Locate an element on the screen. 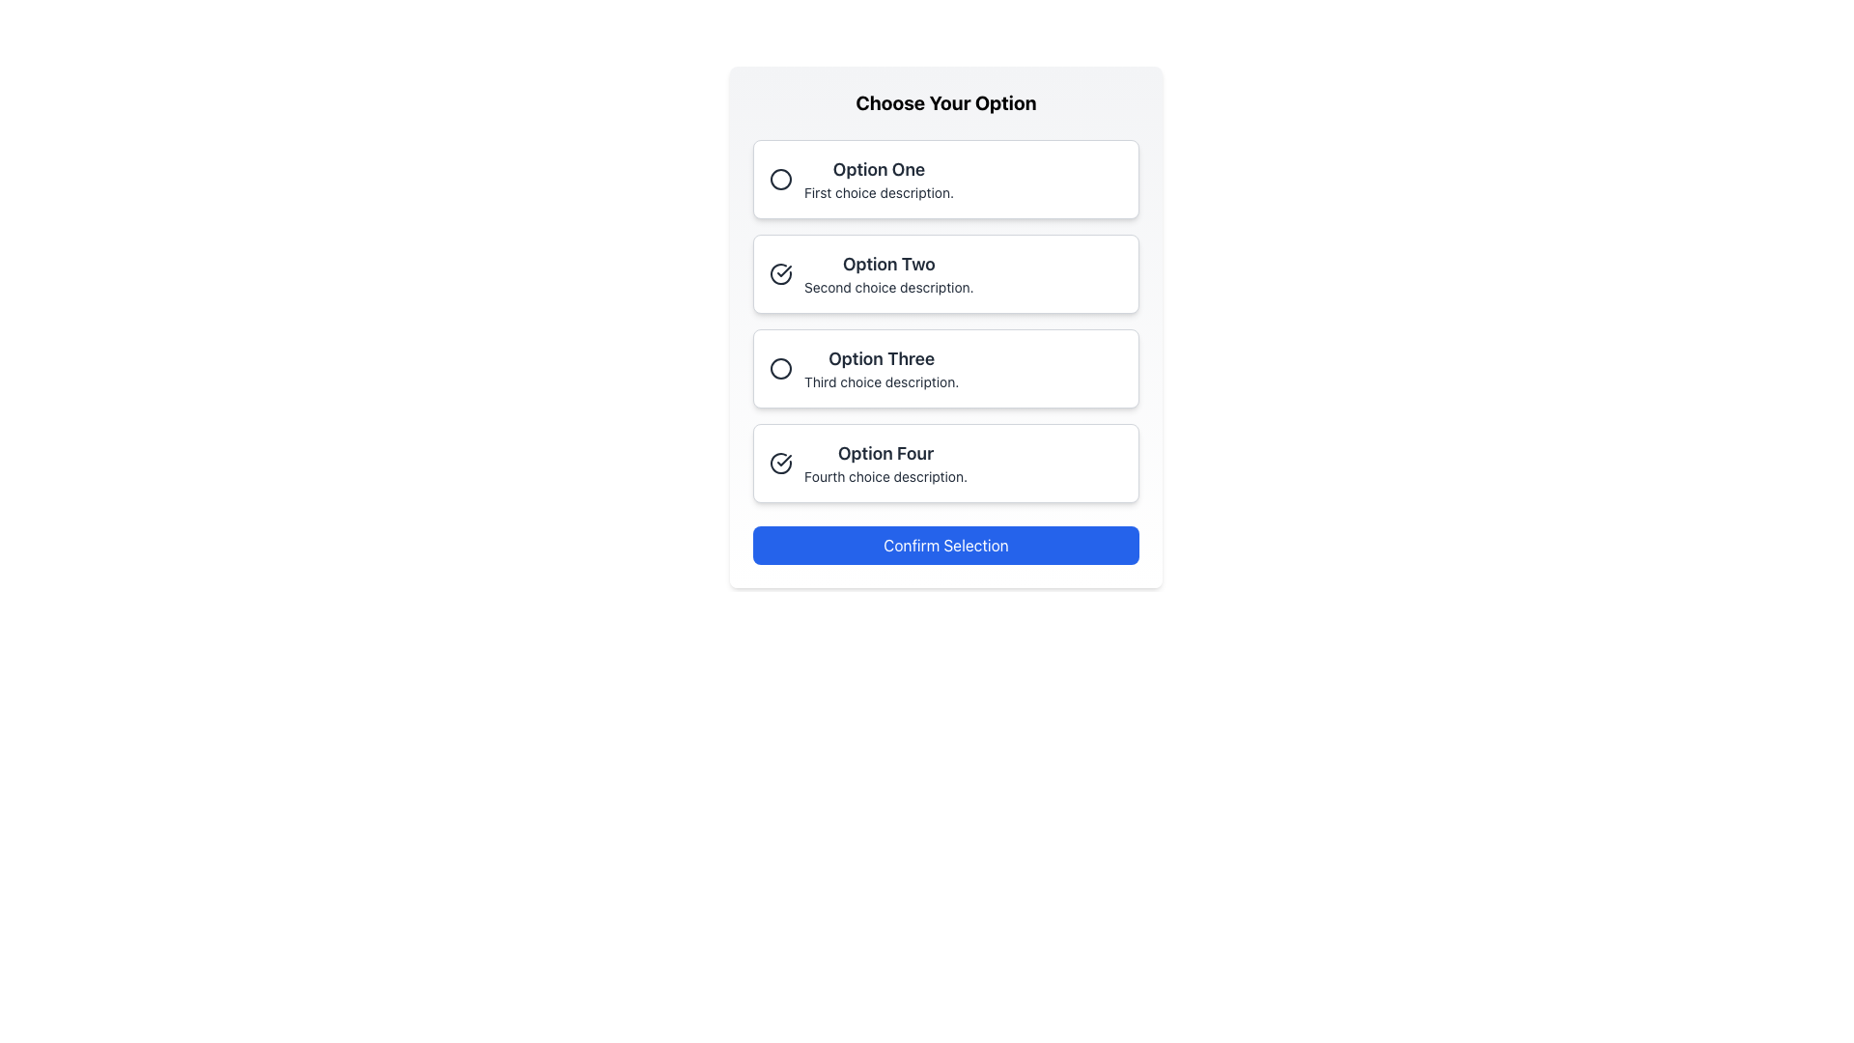 This screenshot has height=1043, width=1854. the first selectable option label in the list, which serves as the title for that option is located at coordinates (878, 169).